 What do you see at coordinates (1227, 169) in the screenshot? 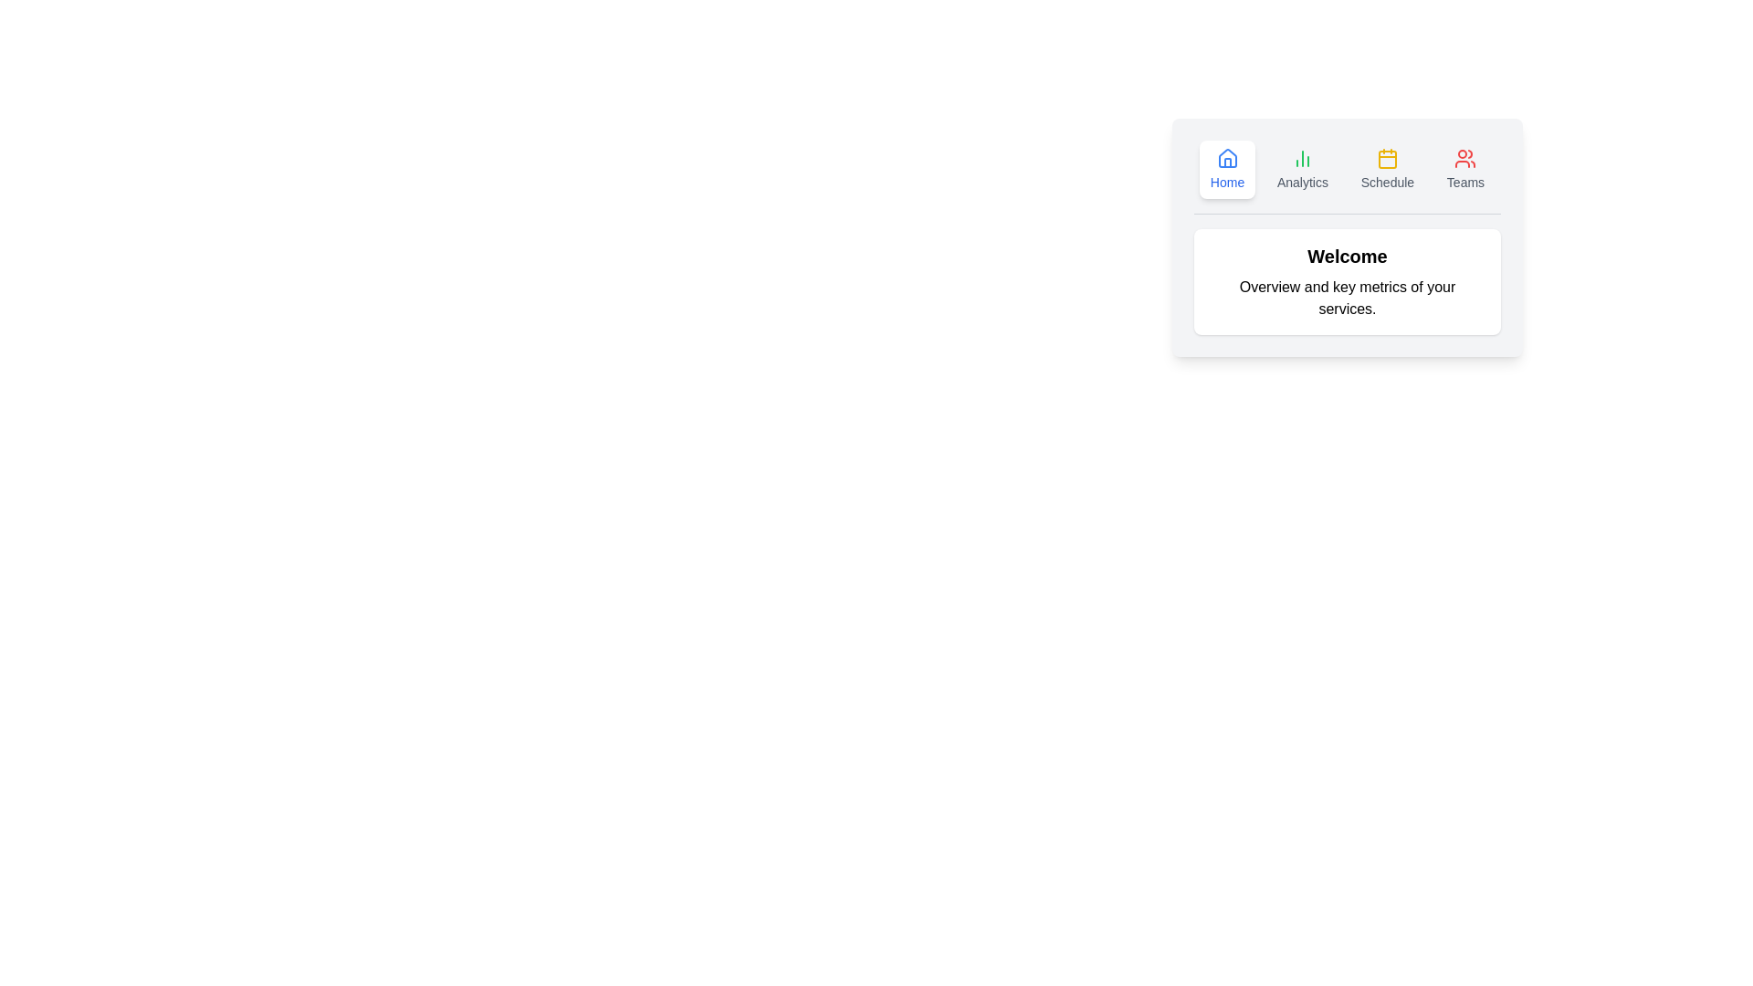
I see `the leftmost navigation button in the upper section of the card-like component` at bounding box center [1227, 169].